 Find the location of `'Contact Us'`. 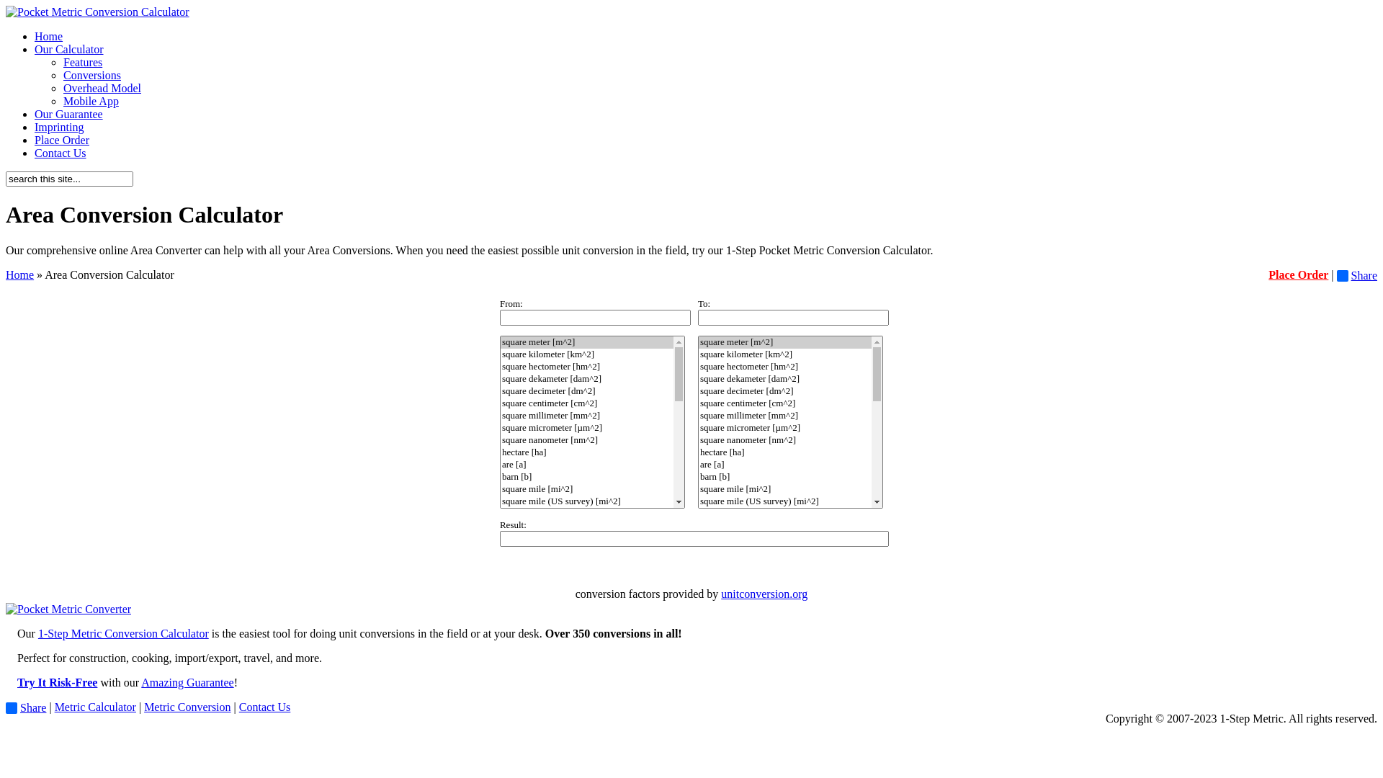

'Contact Us' is located at coordinates (265, 706).